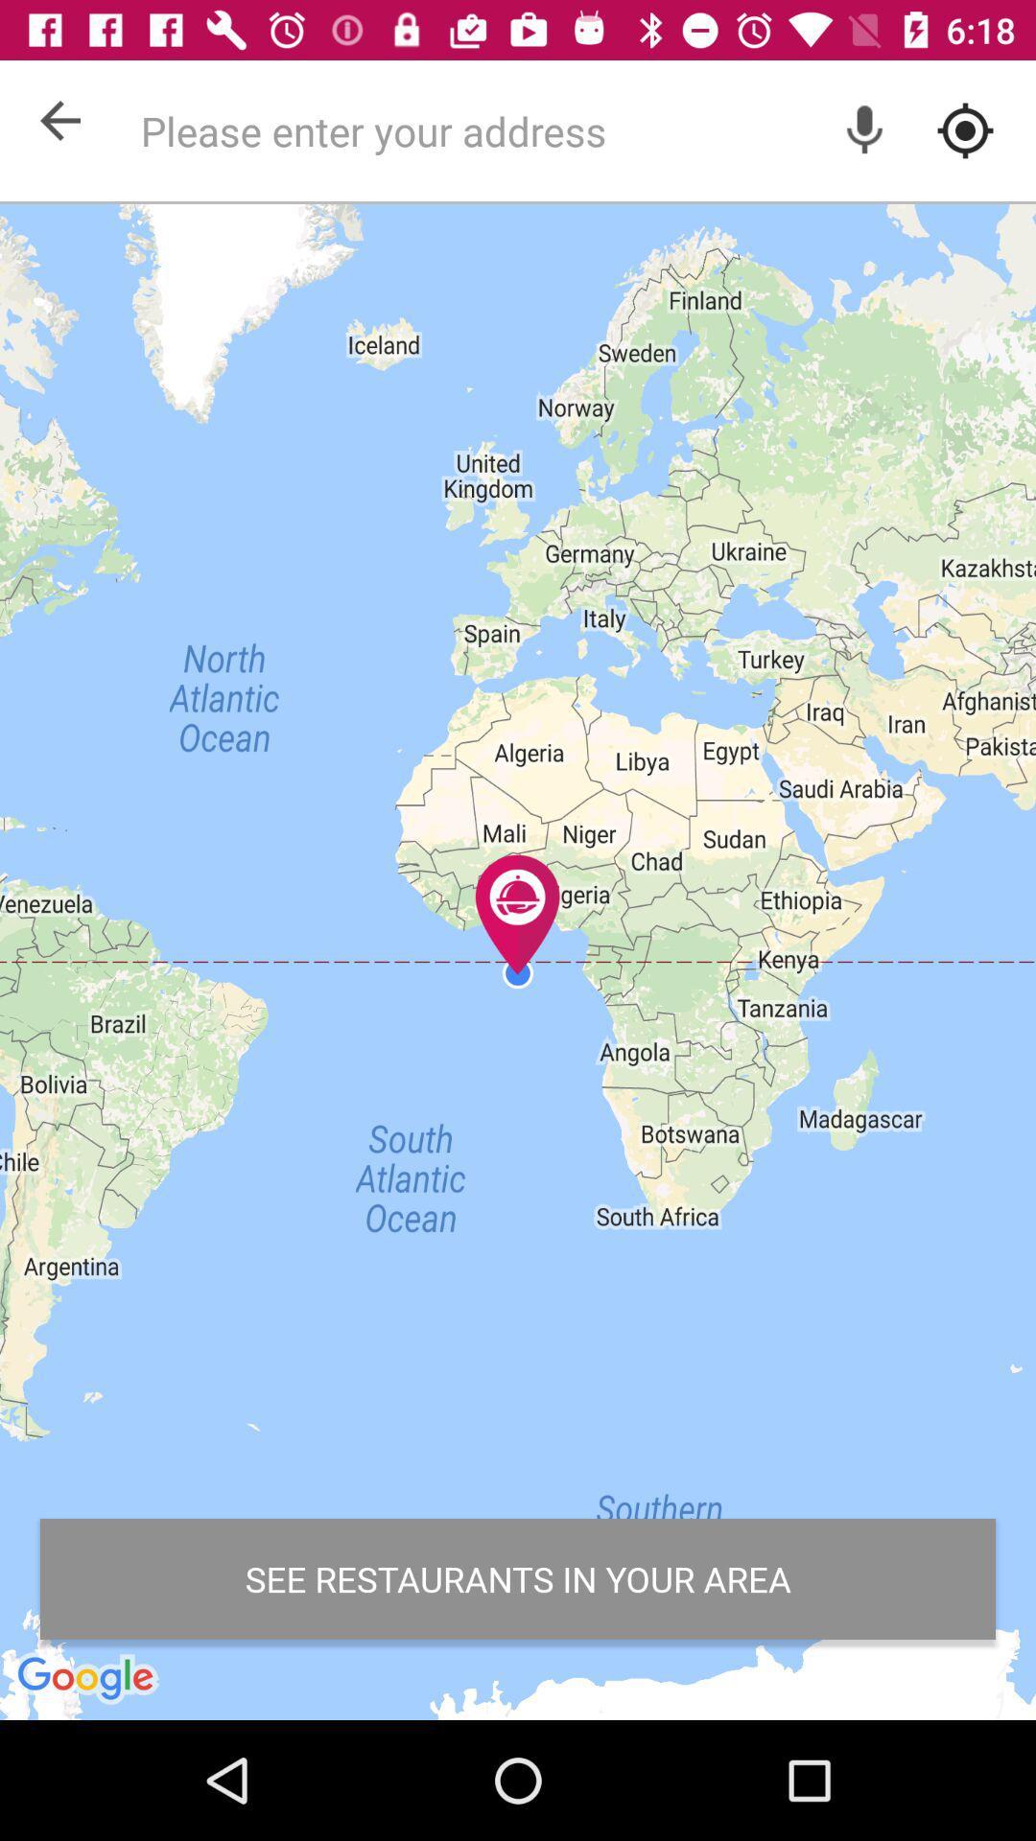 This screenshot has width=1036, height=1841. What do you see at coordinates (59, 119) in the screenshot?
I see `the arrow_backward icon` at bounding box center [59, 119].